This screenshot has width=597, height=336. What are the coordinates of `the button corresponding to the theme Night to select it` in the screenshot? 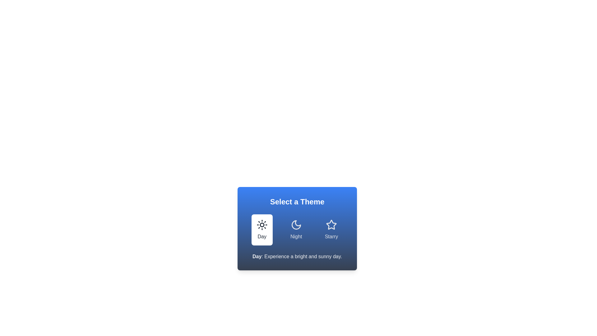 It's located at (296, 230).